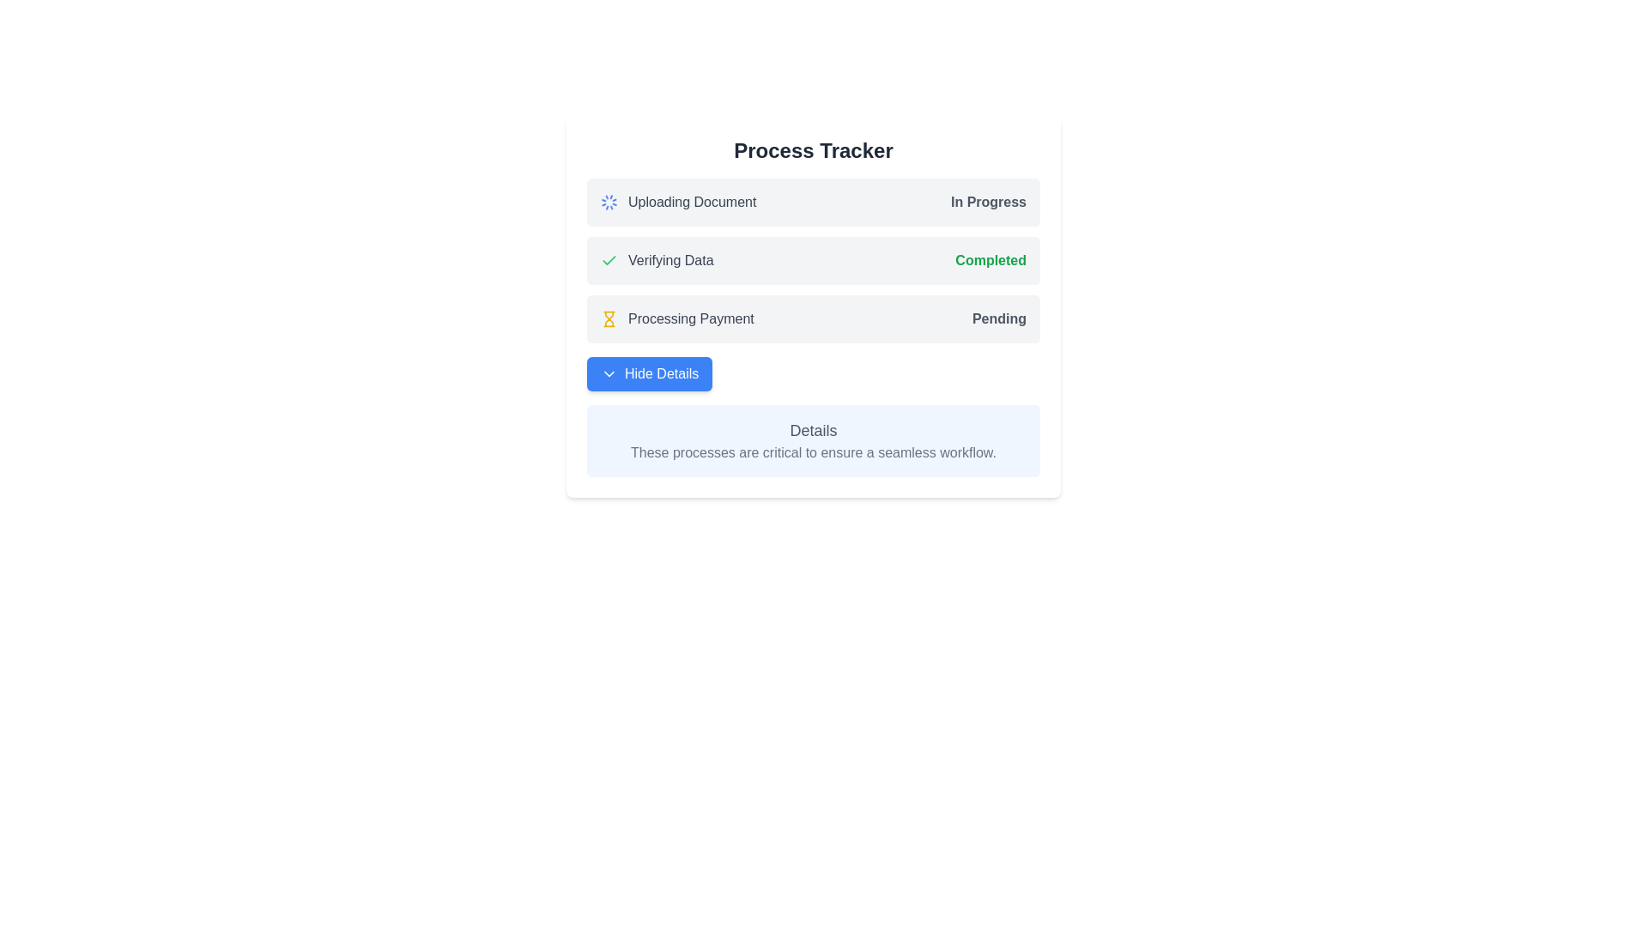 The height and width of the screenshot is (927, 1648). I want to click on text content of the Status indicator labeled 'Verifying Data' with a green checkmark icon, which is the second element in the Process Tracker section, so click(813, 261).